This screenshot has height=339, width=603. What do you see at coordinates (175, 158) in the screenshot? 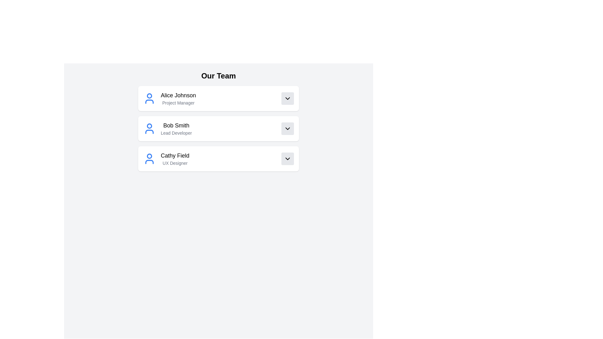
I see `text block that displays the name and role of the individual in the third entry of the 'Our Team' section, positioned to the left of the avatar icon` at bounding box center [175, 158].